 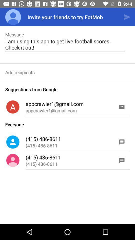 I want to click on app next to the invite your friends icon, so click(x=127, y=17).